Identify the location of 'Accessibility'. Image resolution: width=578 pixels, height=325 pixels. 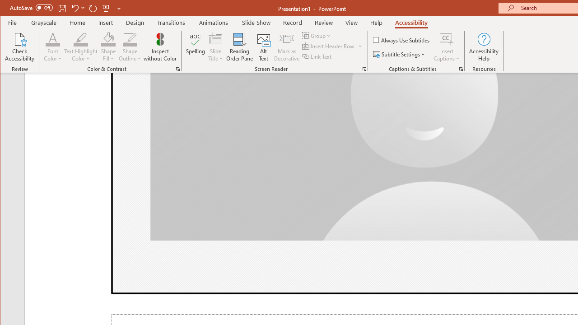
(410, 22).